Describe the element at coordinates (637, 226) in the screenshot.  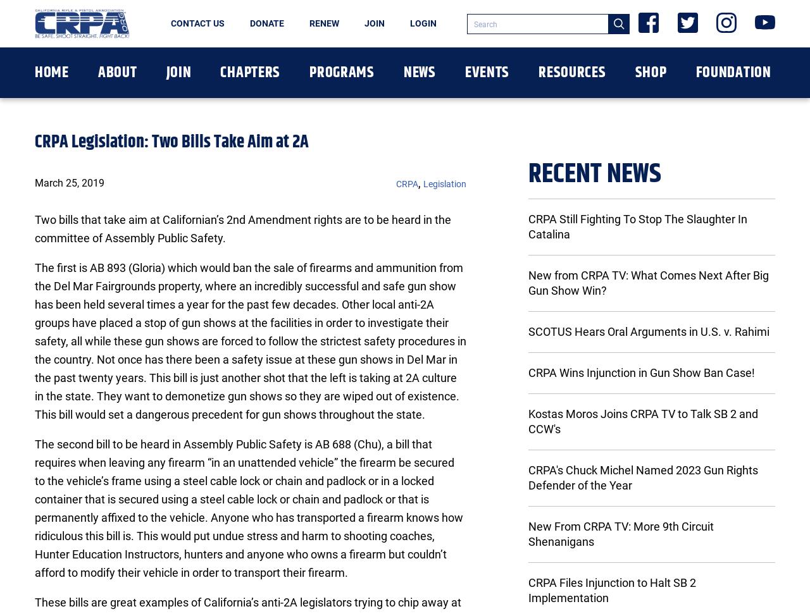
I see `'CRPA Still Fighting To Stop The Slaughter In Catalina'` at that location.